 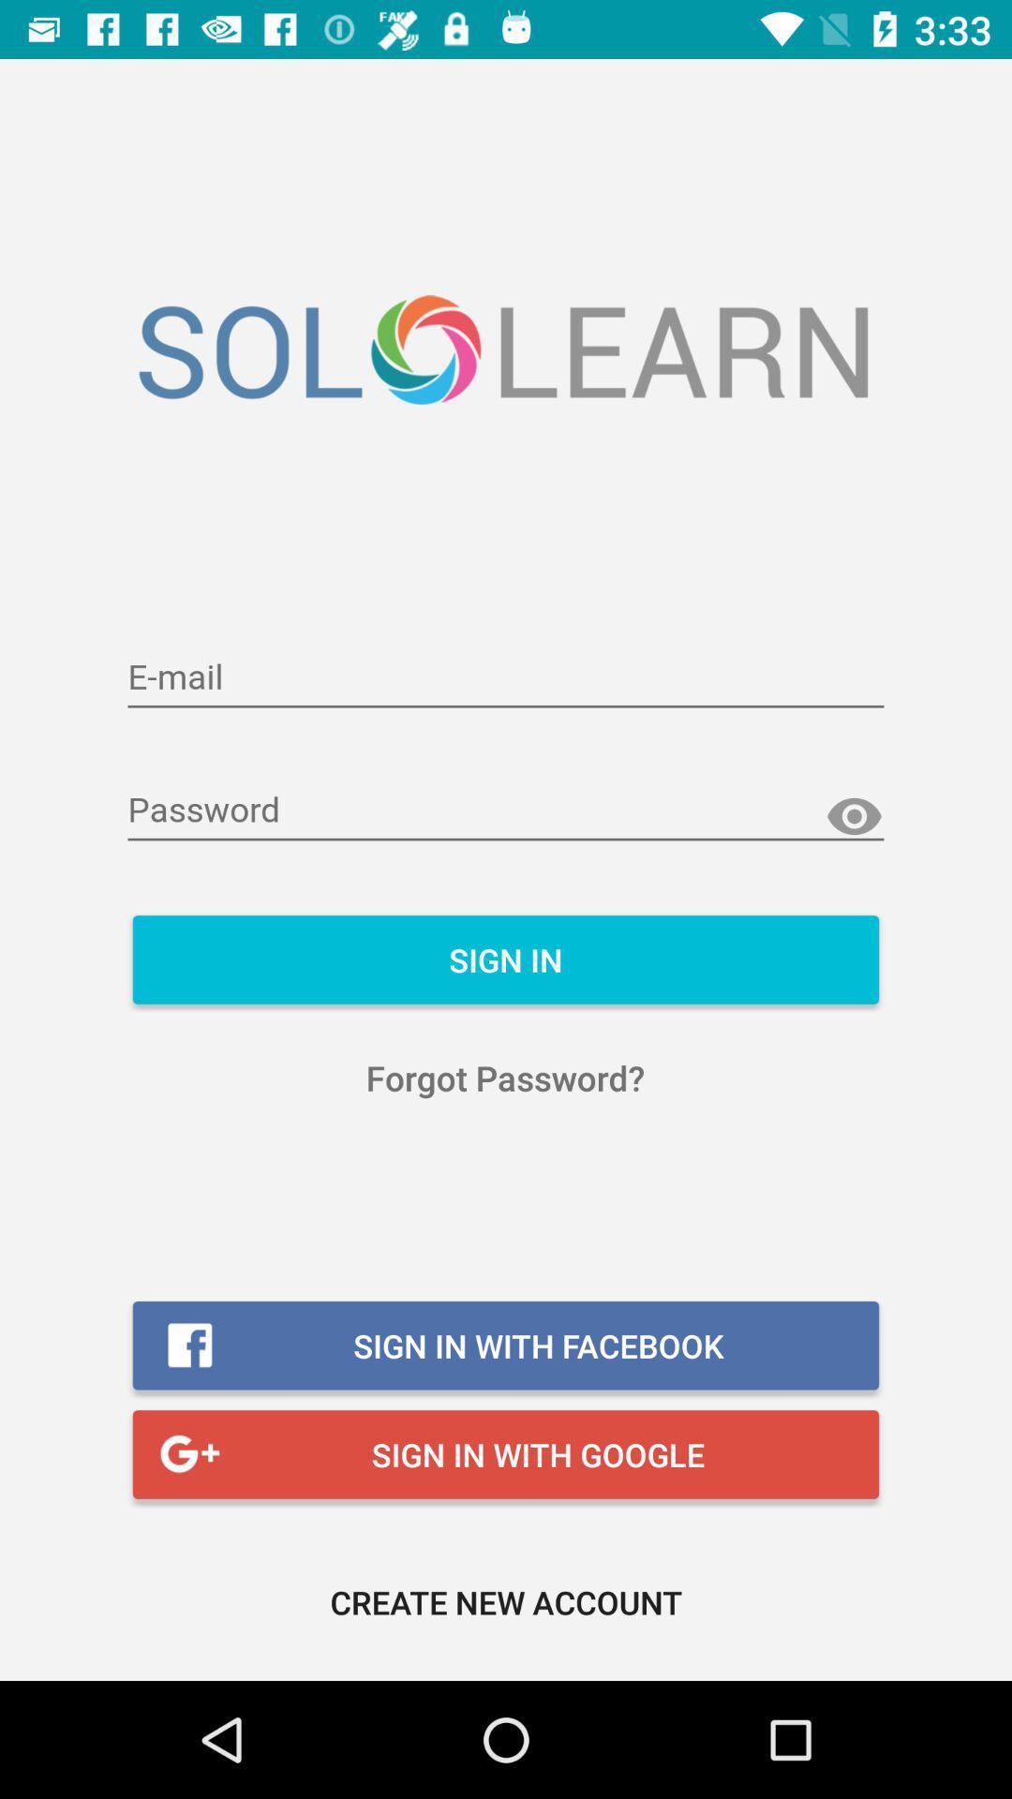 I want to click on the forgot password?, so click(x=504, y=1078).